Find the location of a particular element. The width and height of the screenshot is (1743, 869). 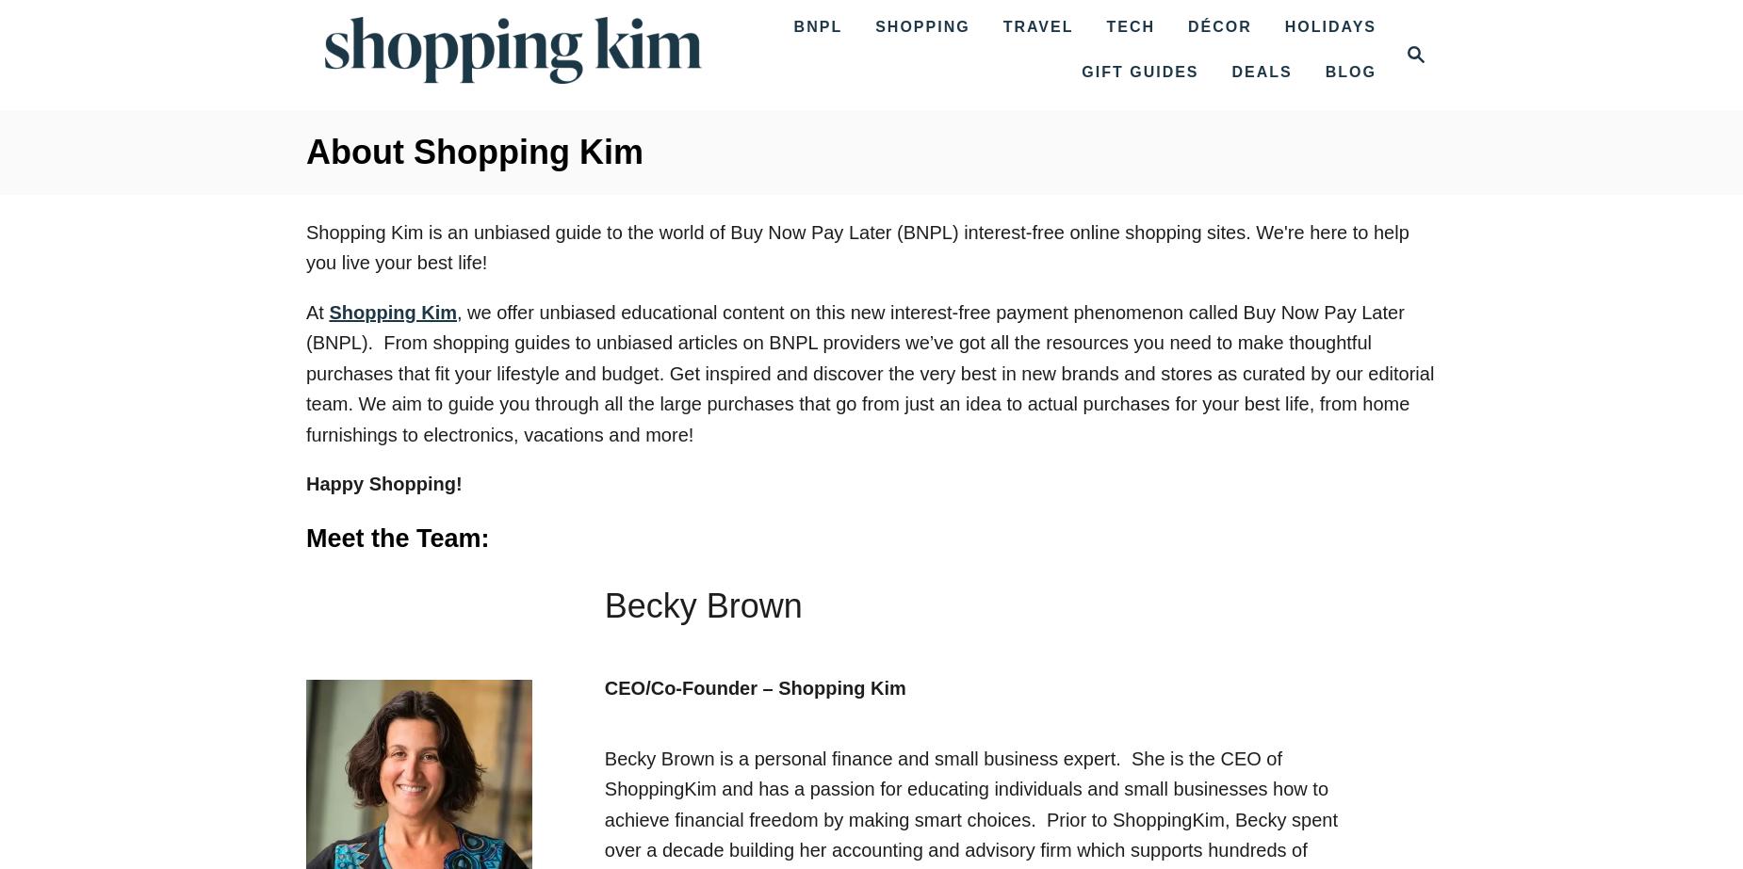

'Meet the Team:' is located at coordinates (396, 536).